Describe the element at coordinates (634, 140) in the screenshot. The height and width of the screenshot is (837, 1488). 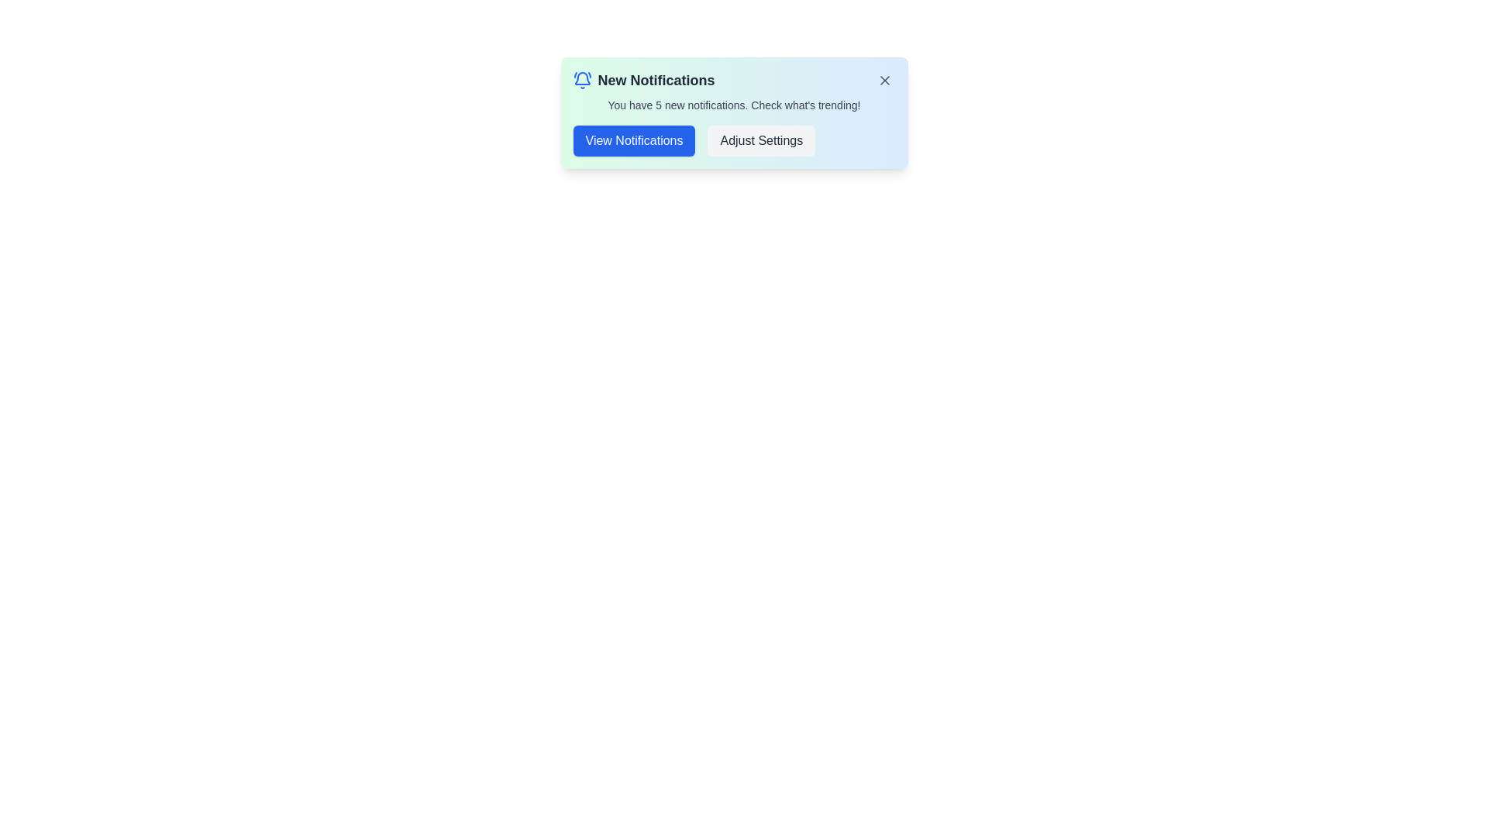
I see `the 'View Notifications' button` at that location.